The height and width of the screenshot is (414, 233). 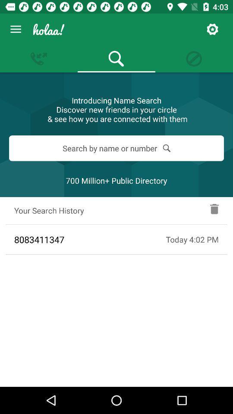 I want to click on settings, so click(x=212, y=29).